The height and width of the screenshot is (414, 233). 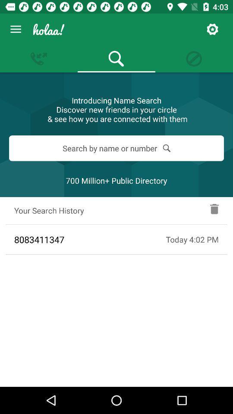 I want to click on settings, so click(x=212, y=29).